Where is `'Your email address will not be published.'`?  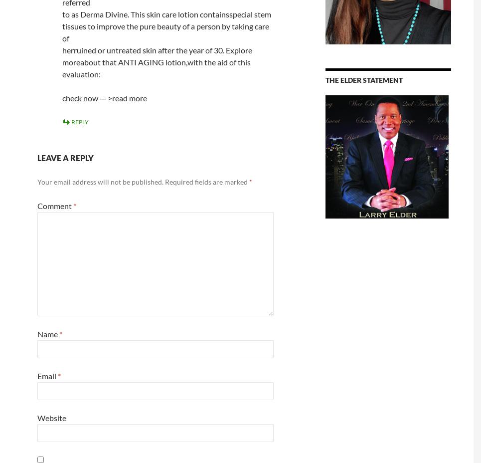 'Your email address will not be published.' is located at coordinates (100, 182).